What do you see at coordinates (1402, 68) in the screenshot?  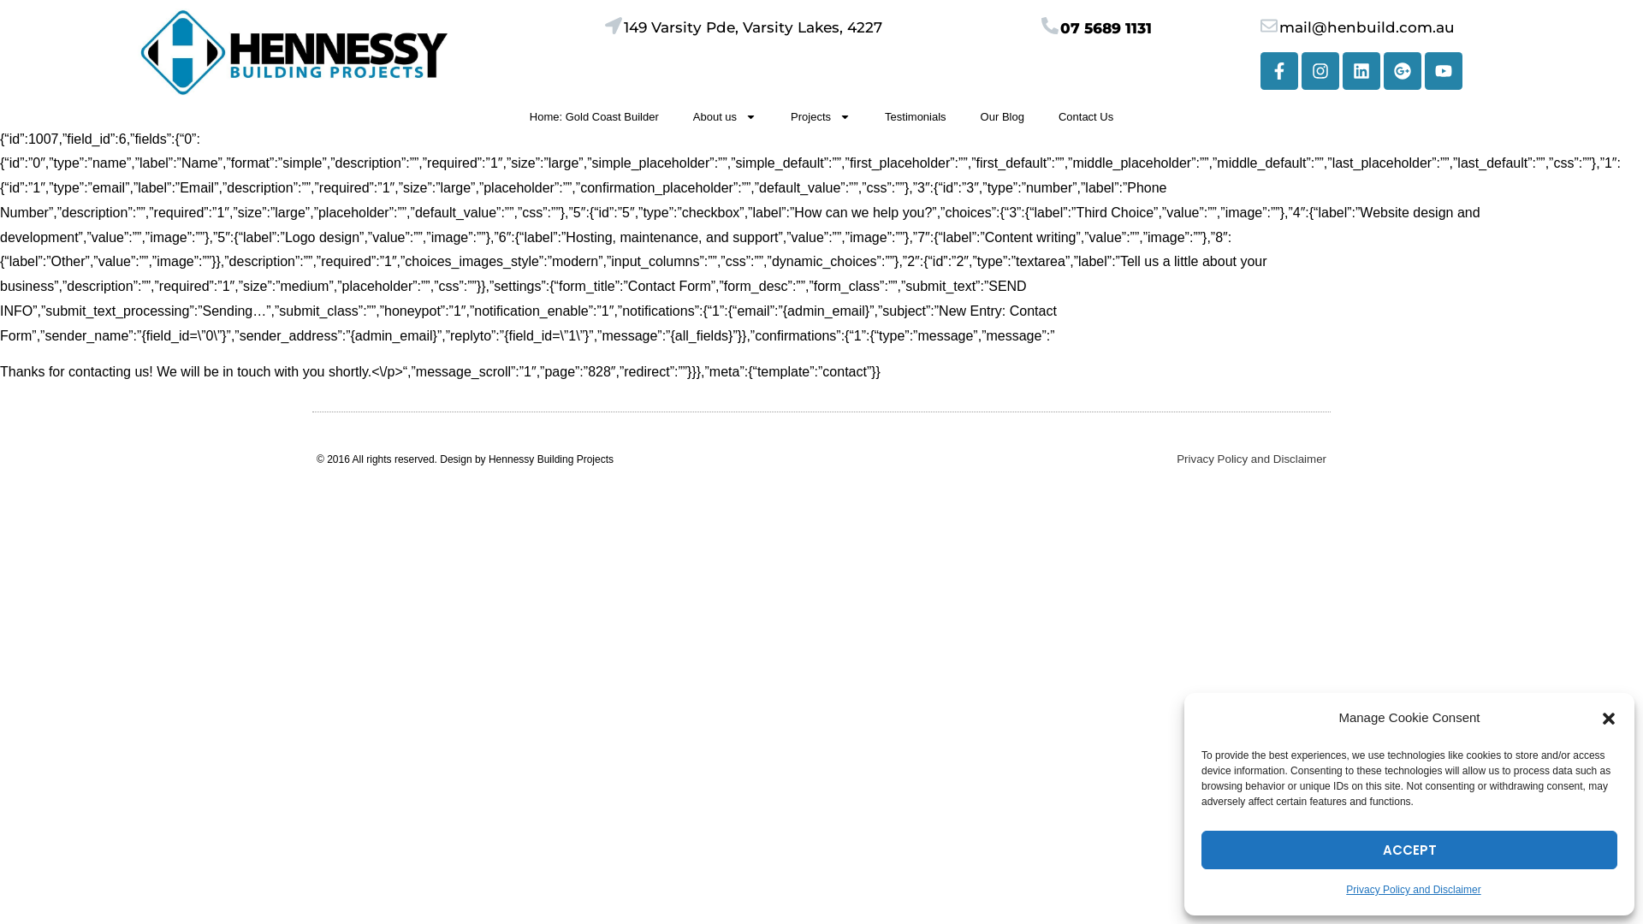 I see `'Google-plus'` at bounding box center [1402, 68].